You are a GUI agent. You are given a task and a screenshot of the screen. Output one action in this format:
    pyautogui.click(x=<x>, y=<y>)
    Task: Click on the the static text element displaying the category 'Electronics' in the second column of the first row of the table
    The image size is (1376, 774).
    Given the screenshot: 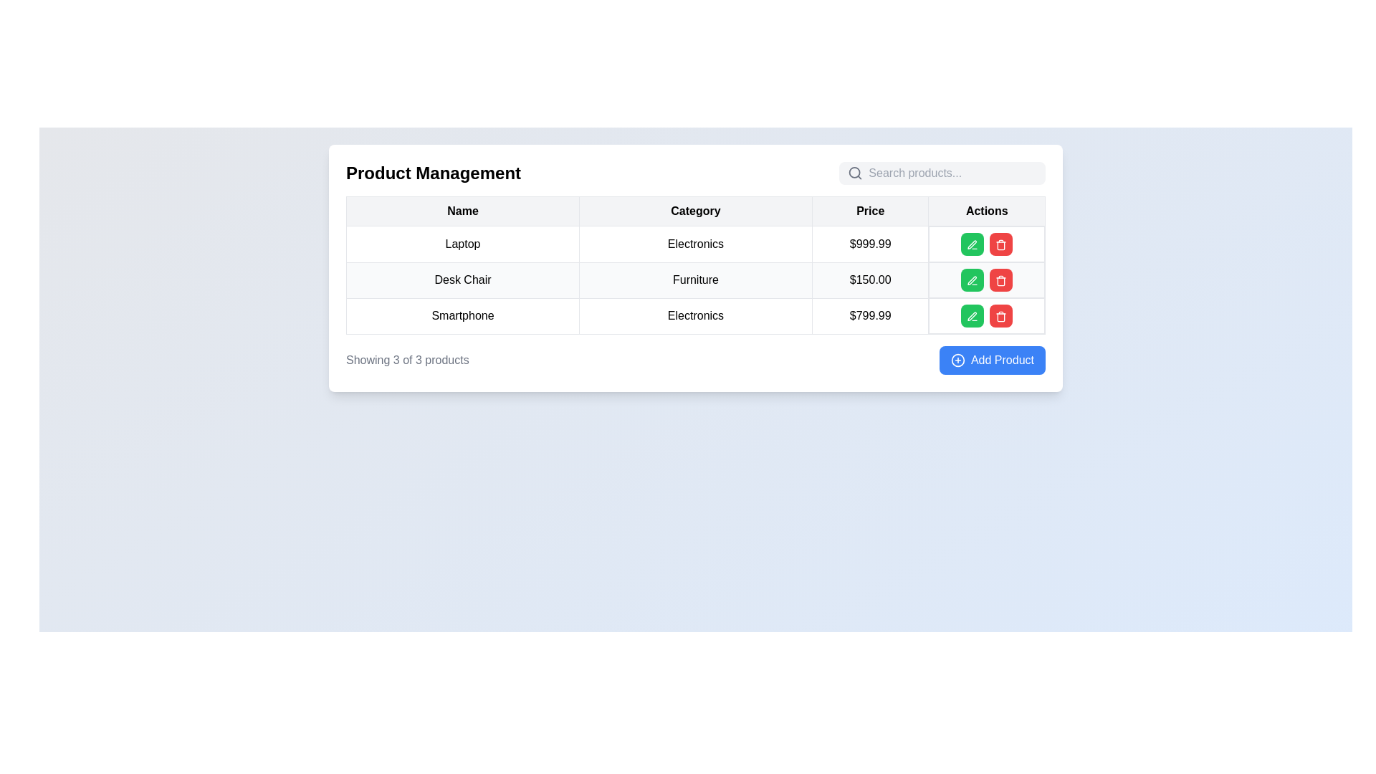 What is the action you would take?
    pyautogui.click(x=695, y=243)
    